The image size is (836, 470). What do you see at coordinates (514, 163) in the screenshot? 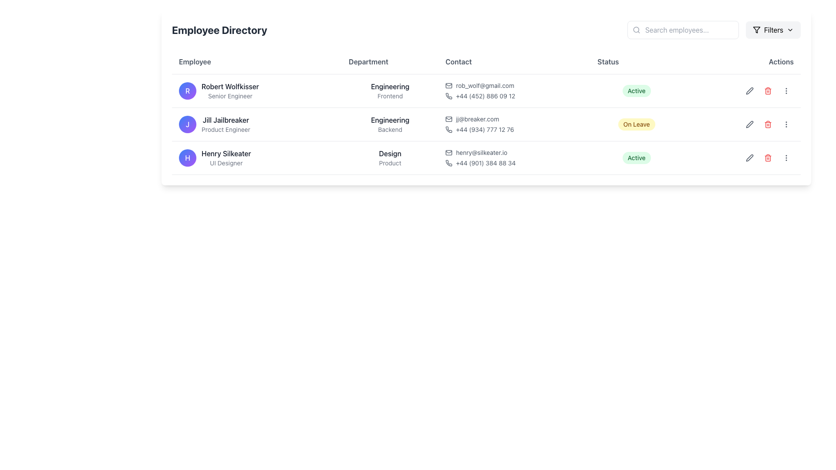
I see `the phone number display element in the 'Contact' column of the third row in the 'Employee Directory' table, which shows the phone number '+44 (901) 384 88 34' and is styled with gray text` at bounding box center [514, 163].